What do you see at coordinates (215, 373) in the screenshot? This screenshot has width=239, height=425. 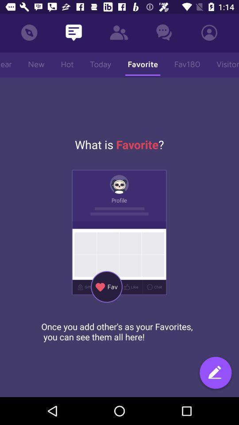 I see `the icon at the bottom right corner` at bounding box center [215, 373].